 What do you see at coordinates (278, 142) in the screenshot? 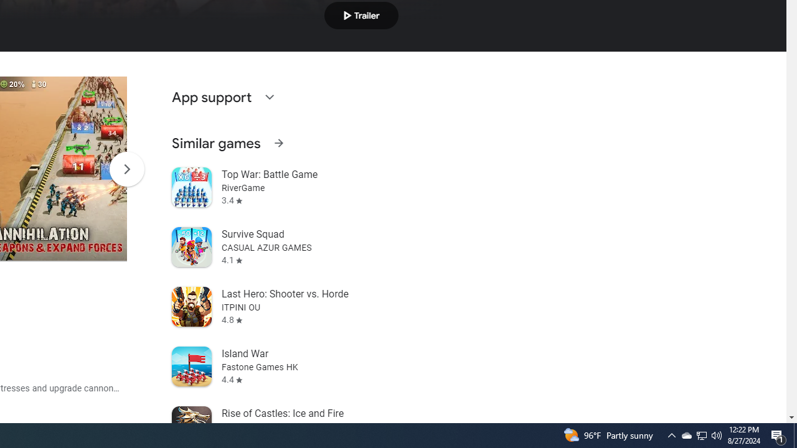
I see `'See more information on Similar games'` at bounding box center [278, 142].